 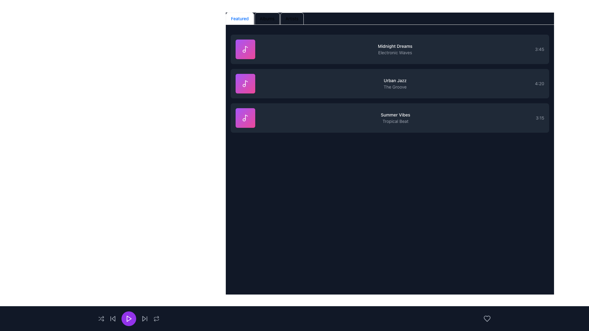 What do you see at coordinates (156, 318) in the screenshot?
I see `the repeat playback button located at the far-right end of the bottom control panel` at bounding box center [156, 318].